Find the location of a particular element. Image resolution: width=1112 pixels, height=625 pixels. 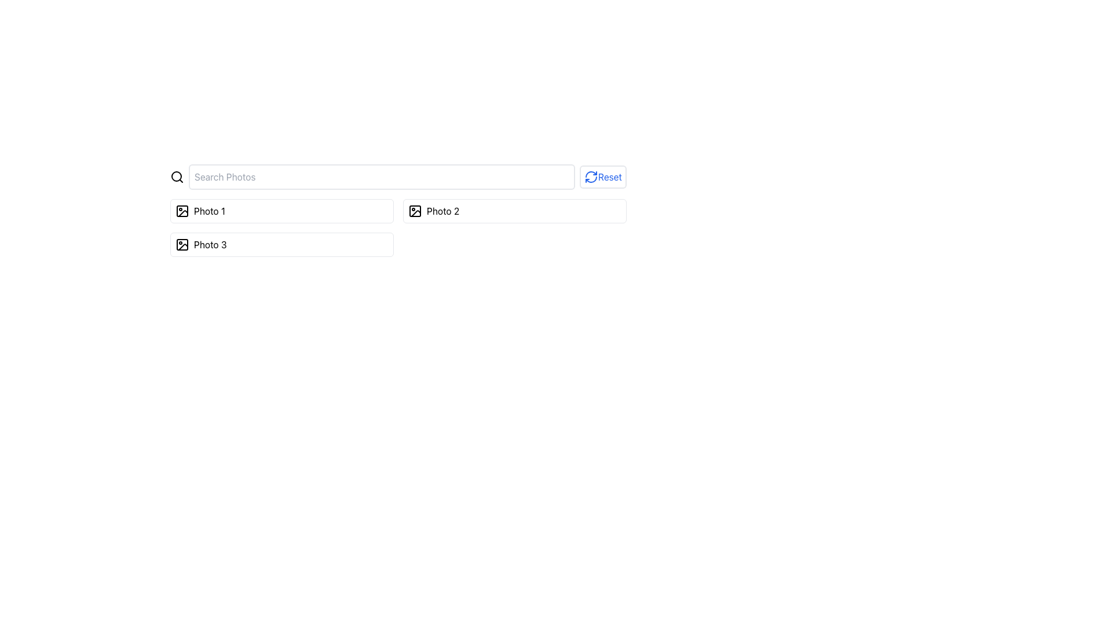

the text label displaying 'Photo 3' is located at coordinates (210, 244).